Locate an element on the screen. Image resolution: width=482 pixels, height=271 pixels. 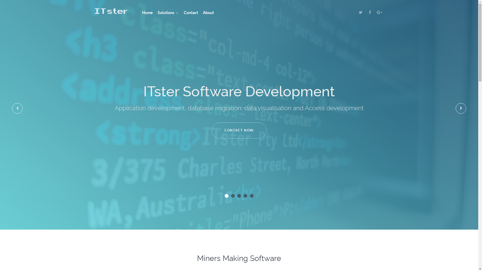
'About' is located at coordinates (203, 13).